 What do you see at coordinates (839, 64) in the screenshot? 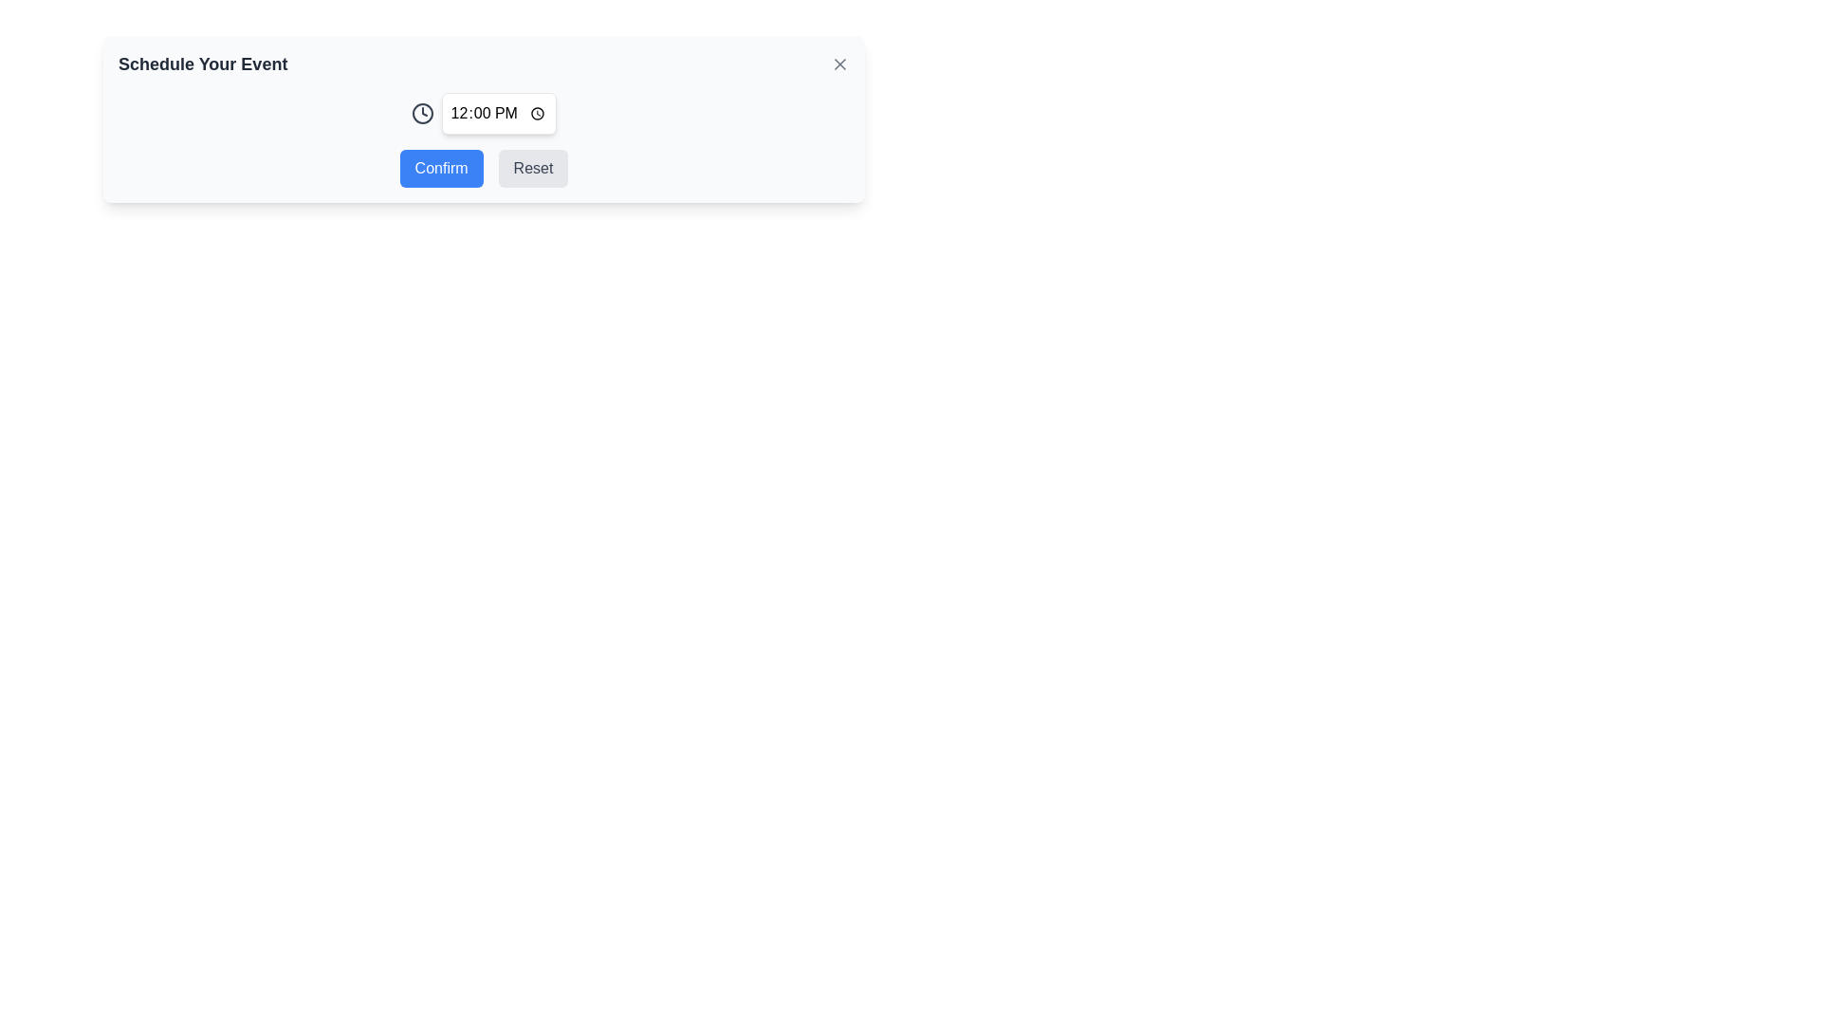
I see `the 'X' button in the top-right corner of the 'Schedule Your Event' modal` at bounding box center [839, 64].